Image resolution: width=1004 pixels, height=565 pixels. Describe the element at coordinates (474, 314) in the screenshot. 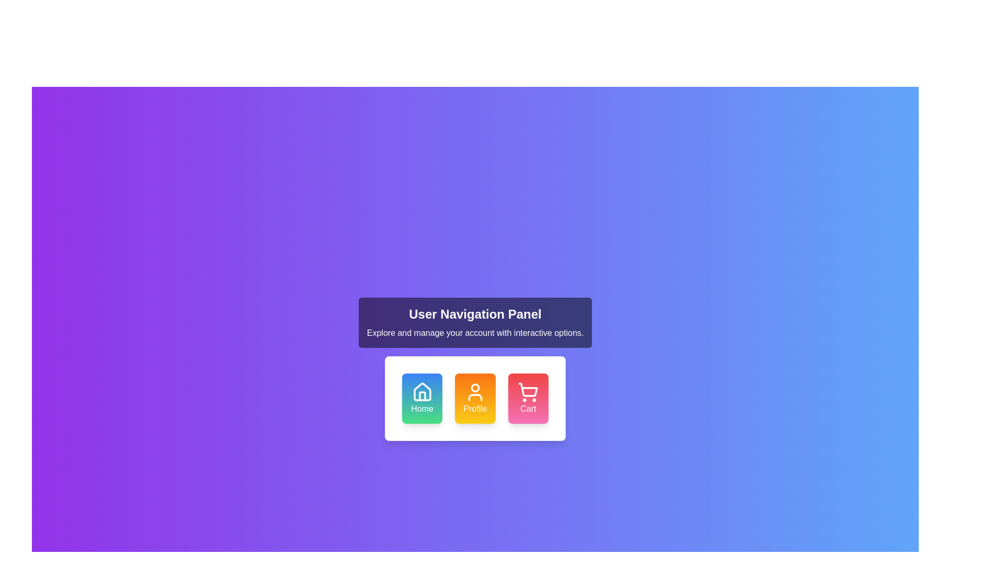

I see `text content of the Text Header located at the top of the dark rectangular panel, which serves as a title for the navigation section` at that location.